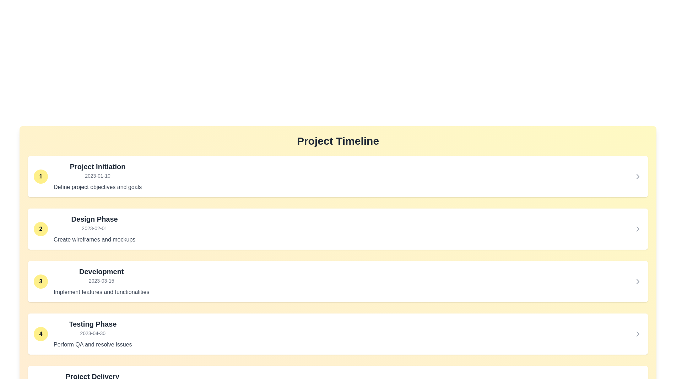 This screenshot has width=682, height=383. Describe the element at coordinates (40, 334) in the screenshot. I see `the badge indicating step number '4' in the project's timeline, located to the left of the 'Testing Phase' text` at that location.